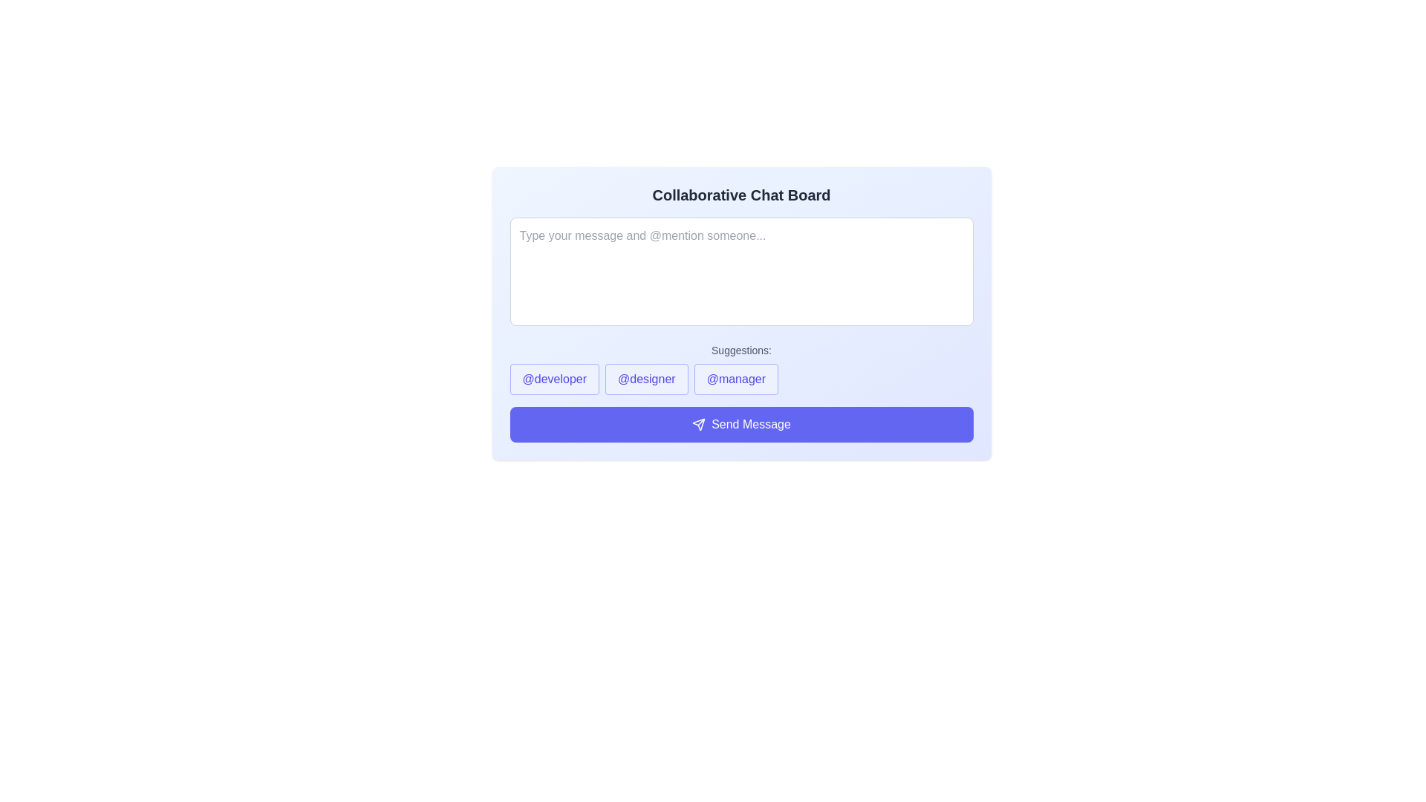  I want to click on the send message button located at the bottom center of the card layout to observe its hover styling effects, so click(741, 424).